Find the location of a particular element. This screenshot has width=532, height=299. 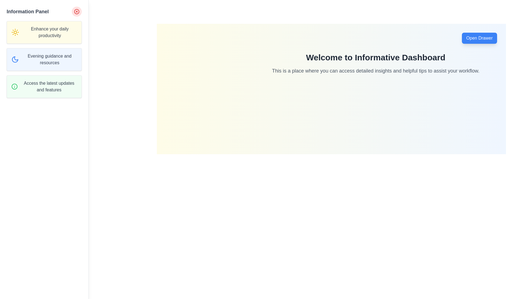

the bold, dark gray headline element displaying 'Welcome to Informative Dashboard', which is positioned near the top of the main content area, right above a smaller descriptive text is located at coordinates (376, 58).